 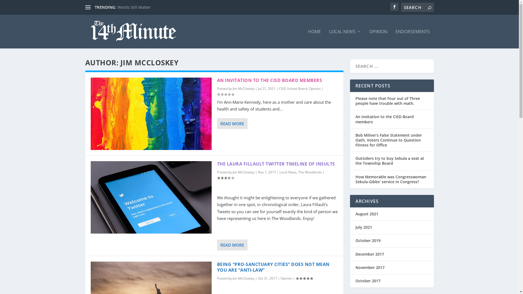 What do you see at coordinates (355, 240) in the screenshot?
I see `'October 2019'` at bounding box center [355, 240].